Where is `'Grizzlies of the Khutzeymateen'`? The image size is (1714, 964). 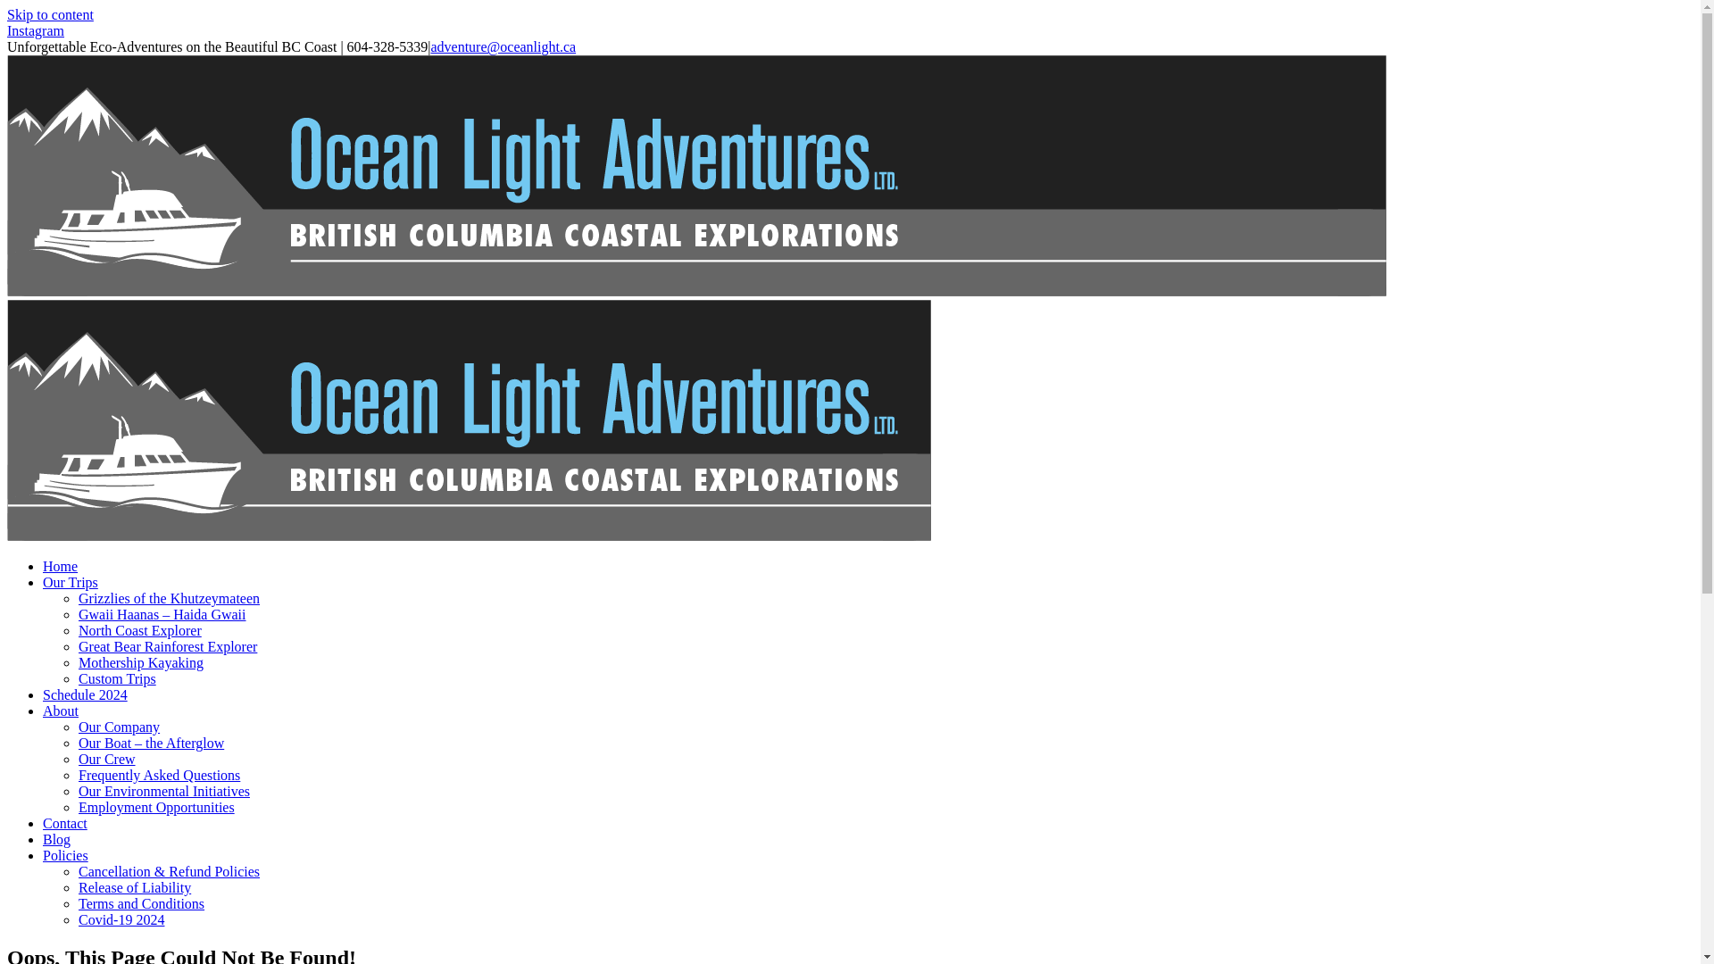
'Grizzlies of the Khutzeymateen' is located at coordinates (169, 598).